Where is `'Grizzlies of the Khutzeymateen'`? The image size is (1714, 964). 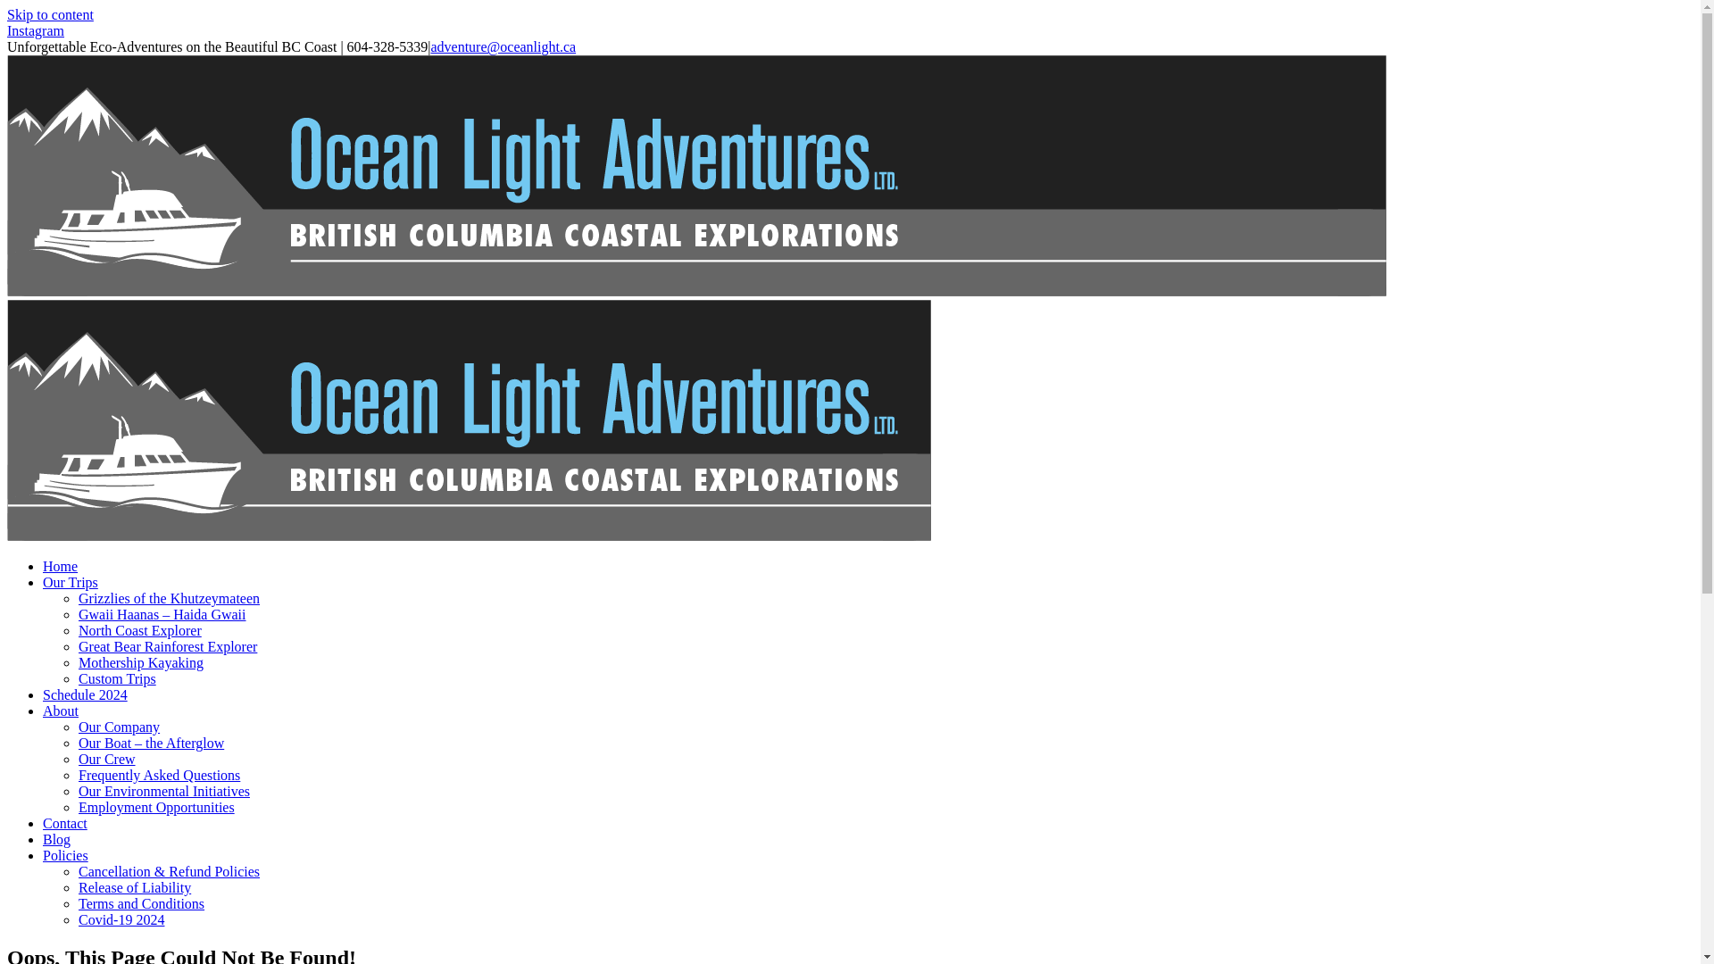
'Grizzlies of the Khutzeymateen' is located at coordinates (169, 598).